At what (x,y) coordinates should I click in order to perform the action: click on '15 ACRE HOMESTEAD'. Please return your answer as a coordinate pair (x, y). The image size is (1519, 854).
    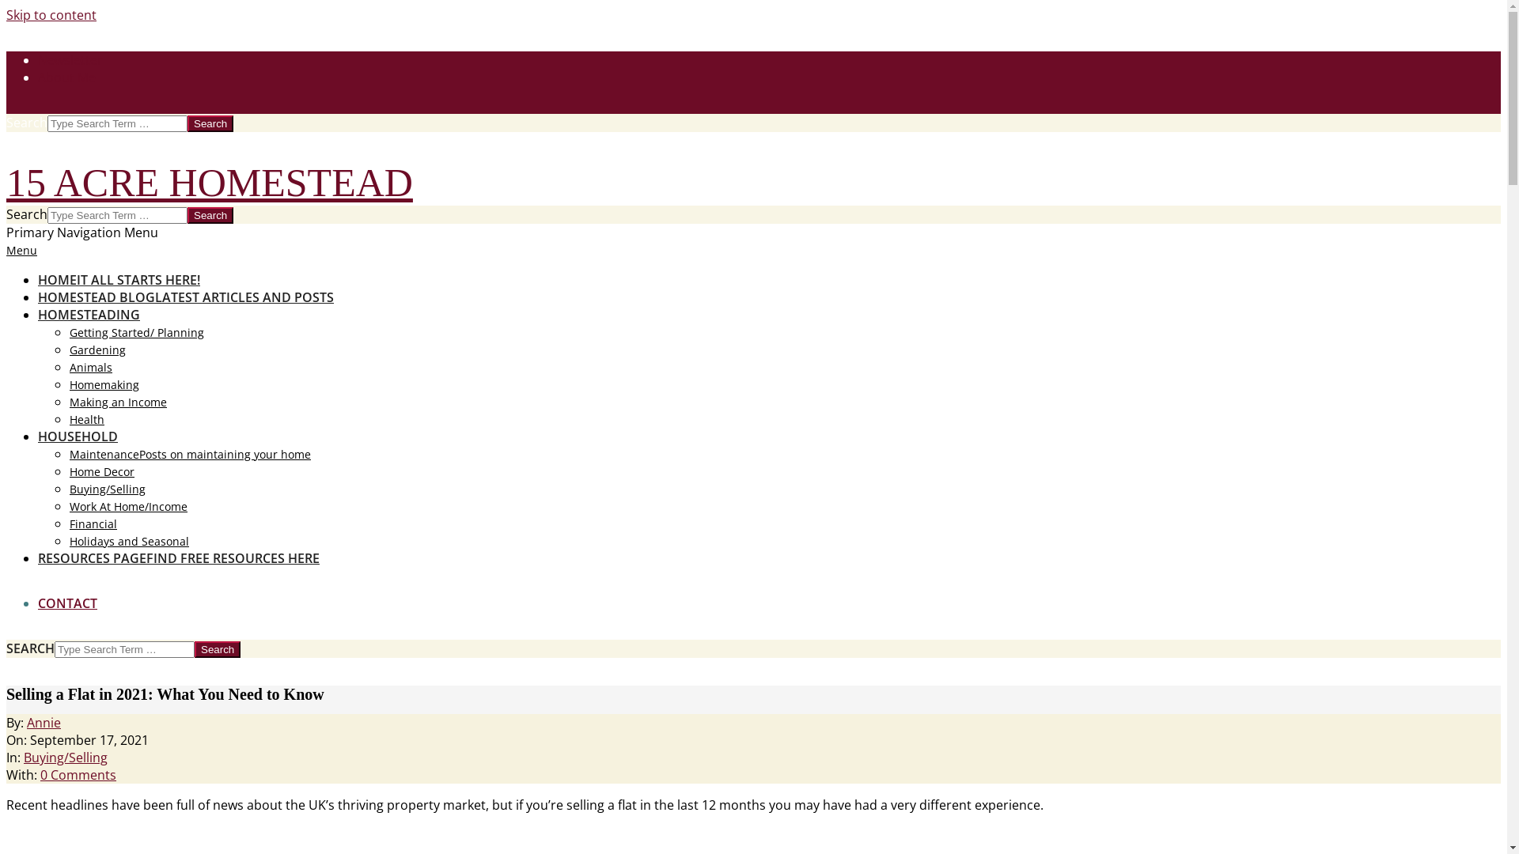
    Looking at the image, I should click on (208, 182).